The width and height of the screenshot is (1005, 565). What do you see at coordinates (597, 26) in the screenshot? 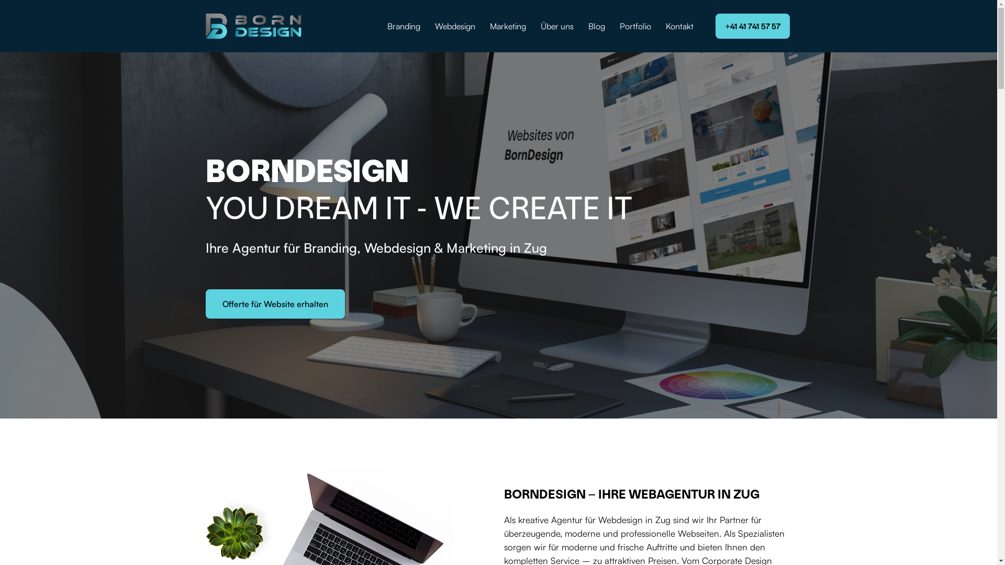
I see `'Blog'` at bounding box center [597, 26].